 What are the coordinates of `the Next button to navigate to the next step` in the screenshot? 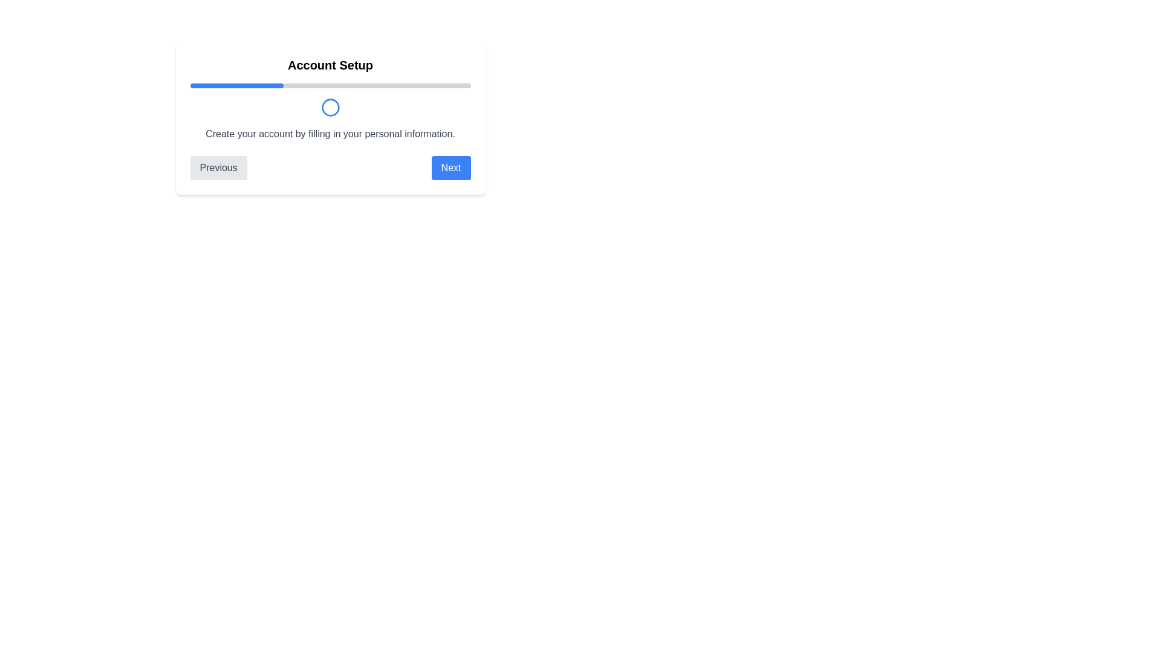 It's located at (450, 167).